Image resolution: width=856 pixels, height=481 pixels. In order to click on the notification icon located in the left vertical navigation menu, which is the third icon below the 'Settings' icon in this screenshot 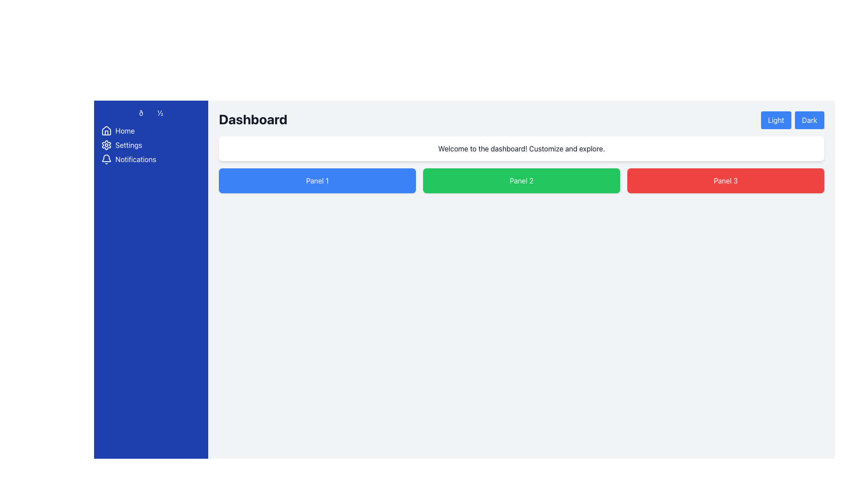, I will do `click(107, 158)`.